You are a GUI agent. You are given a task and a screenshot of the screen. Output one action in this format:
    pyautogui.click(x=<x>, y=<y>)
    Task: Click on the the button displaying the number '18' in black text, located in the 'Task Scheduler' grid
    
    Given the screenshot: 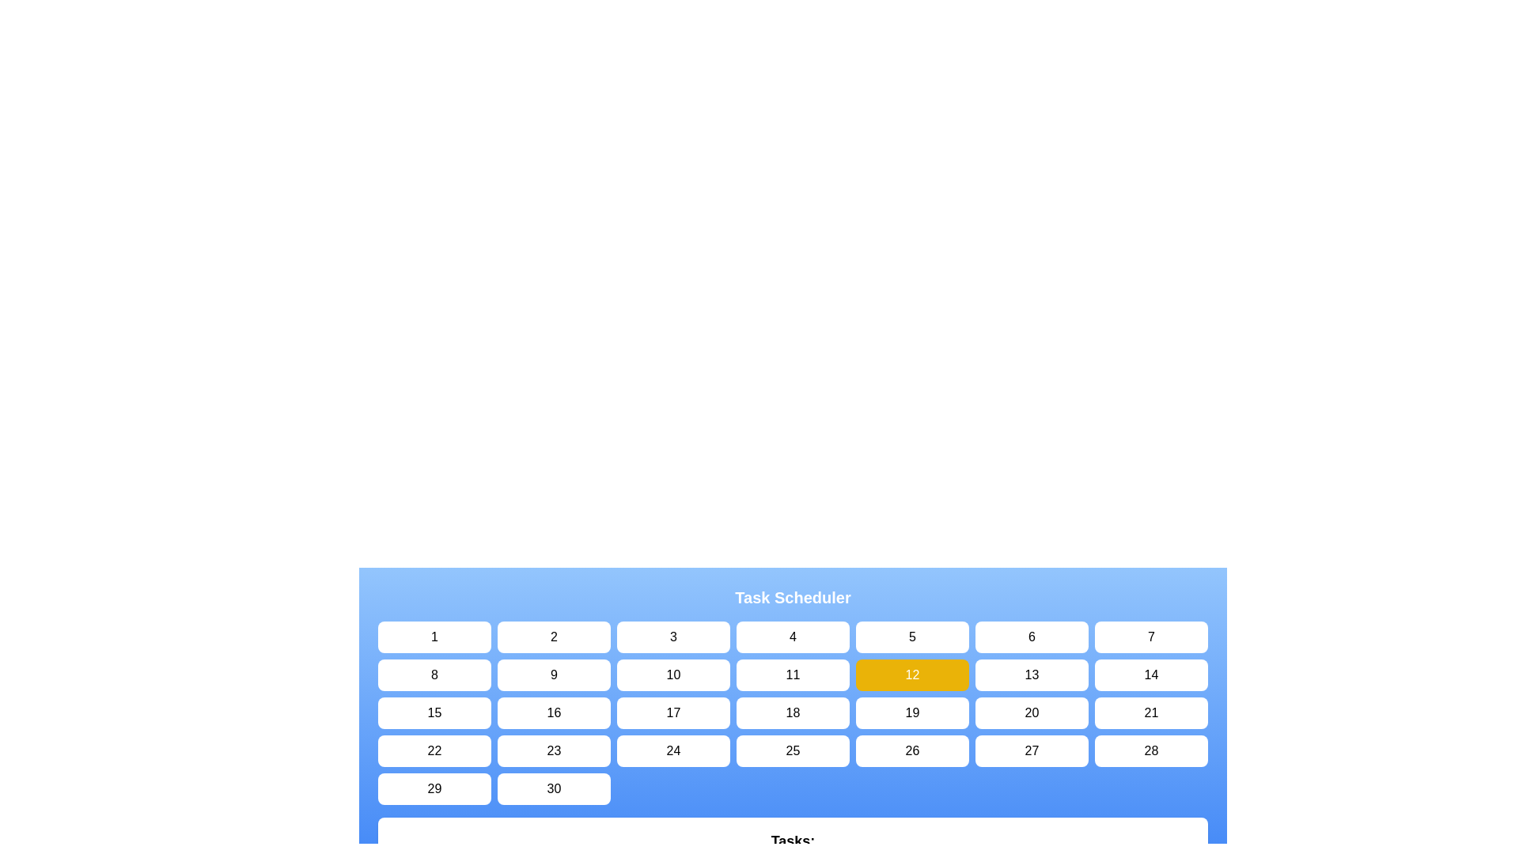 What is the action you would take?
    pyautogui.click(x=793, y=713)
    